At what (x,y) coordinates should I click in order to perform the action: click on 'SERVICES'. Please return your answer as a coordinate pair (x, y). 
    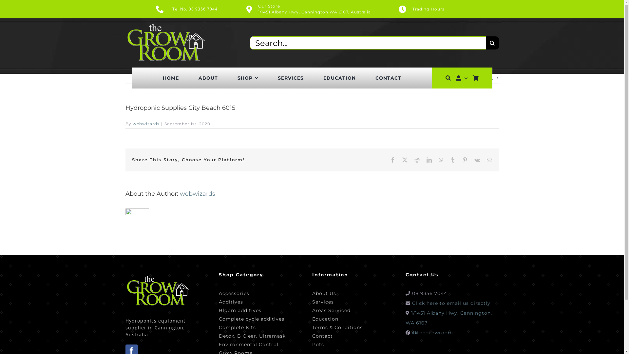
    Looking at the image, I should click on (290, 78).